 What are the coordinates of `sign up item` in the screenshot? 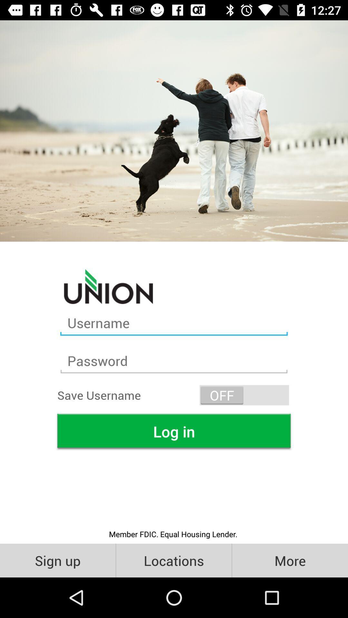 It's located at (57, 560).